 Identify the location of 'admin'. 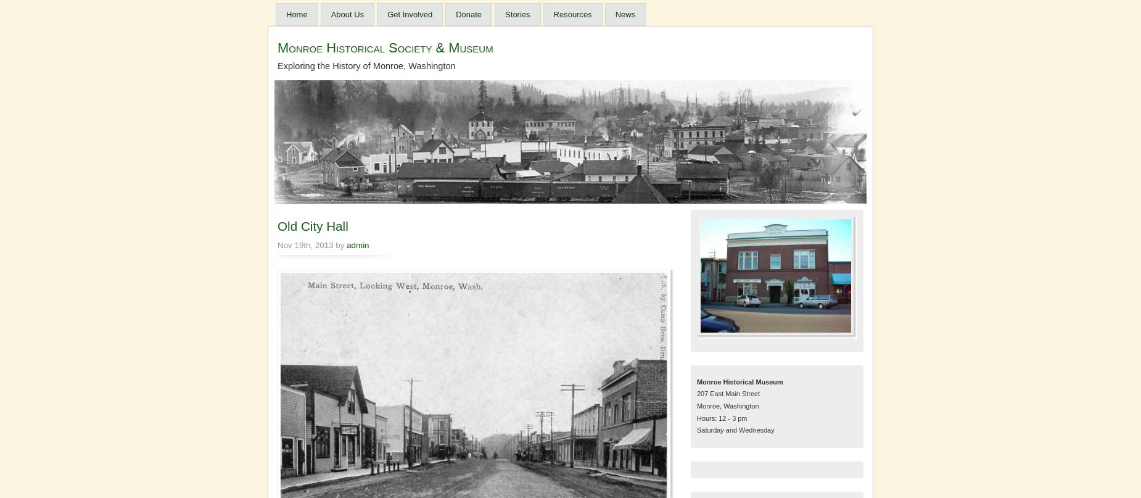
(357, 244).